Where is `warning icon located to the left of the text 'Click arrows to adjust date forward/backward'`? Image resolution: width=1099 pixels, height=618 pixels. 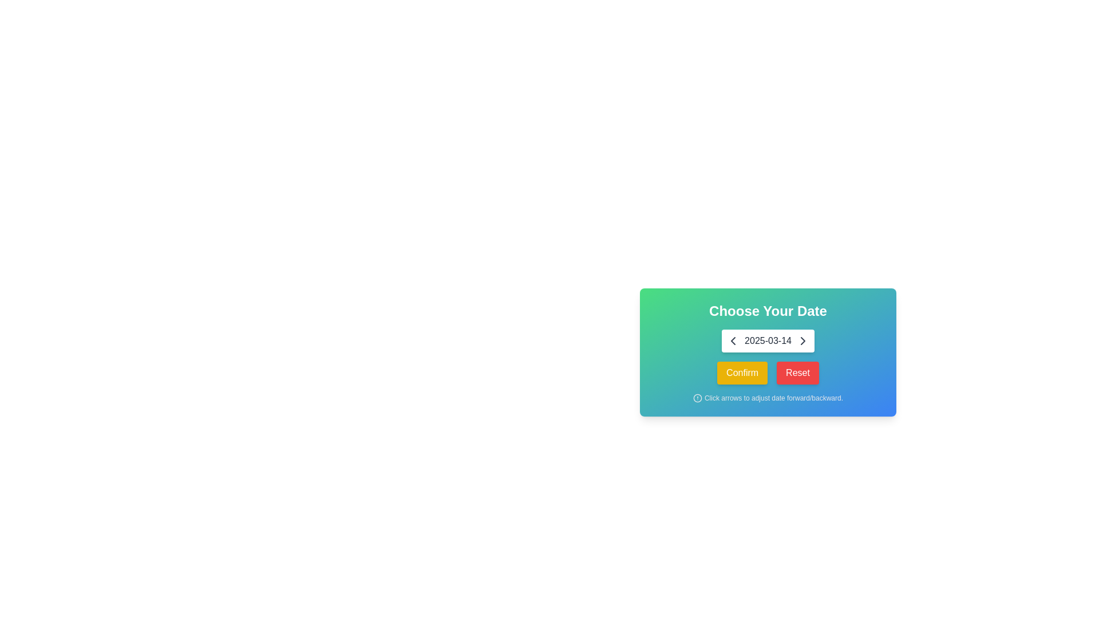
warning icon located to the left of the text 'Click arrows to adjust date forward/backward' is located at coordinates (697, 397).